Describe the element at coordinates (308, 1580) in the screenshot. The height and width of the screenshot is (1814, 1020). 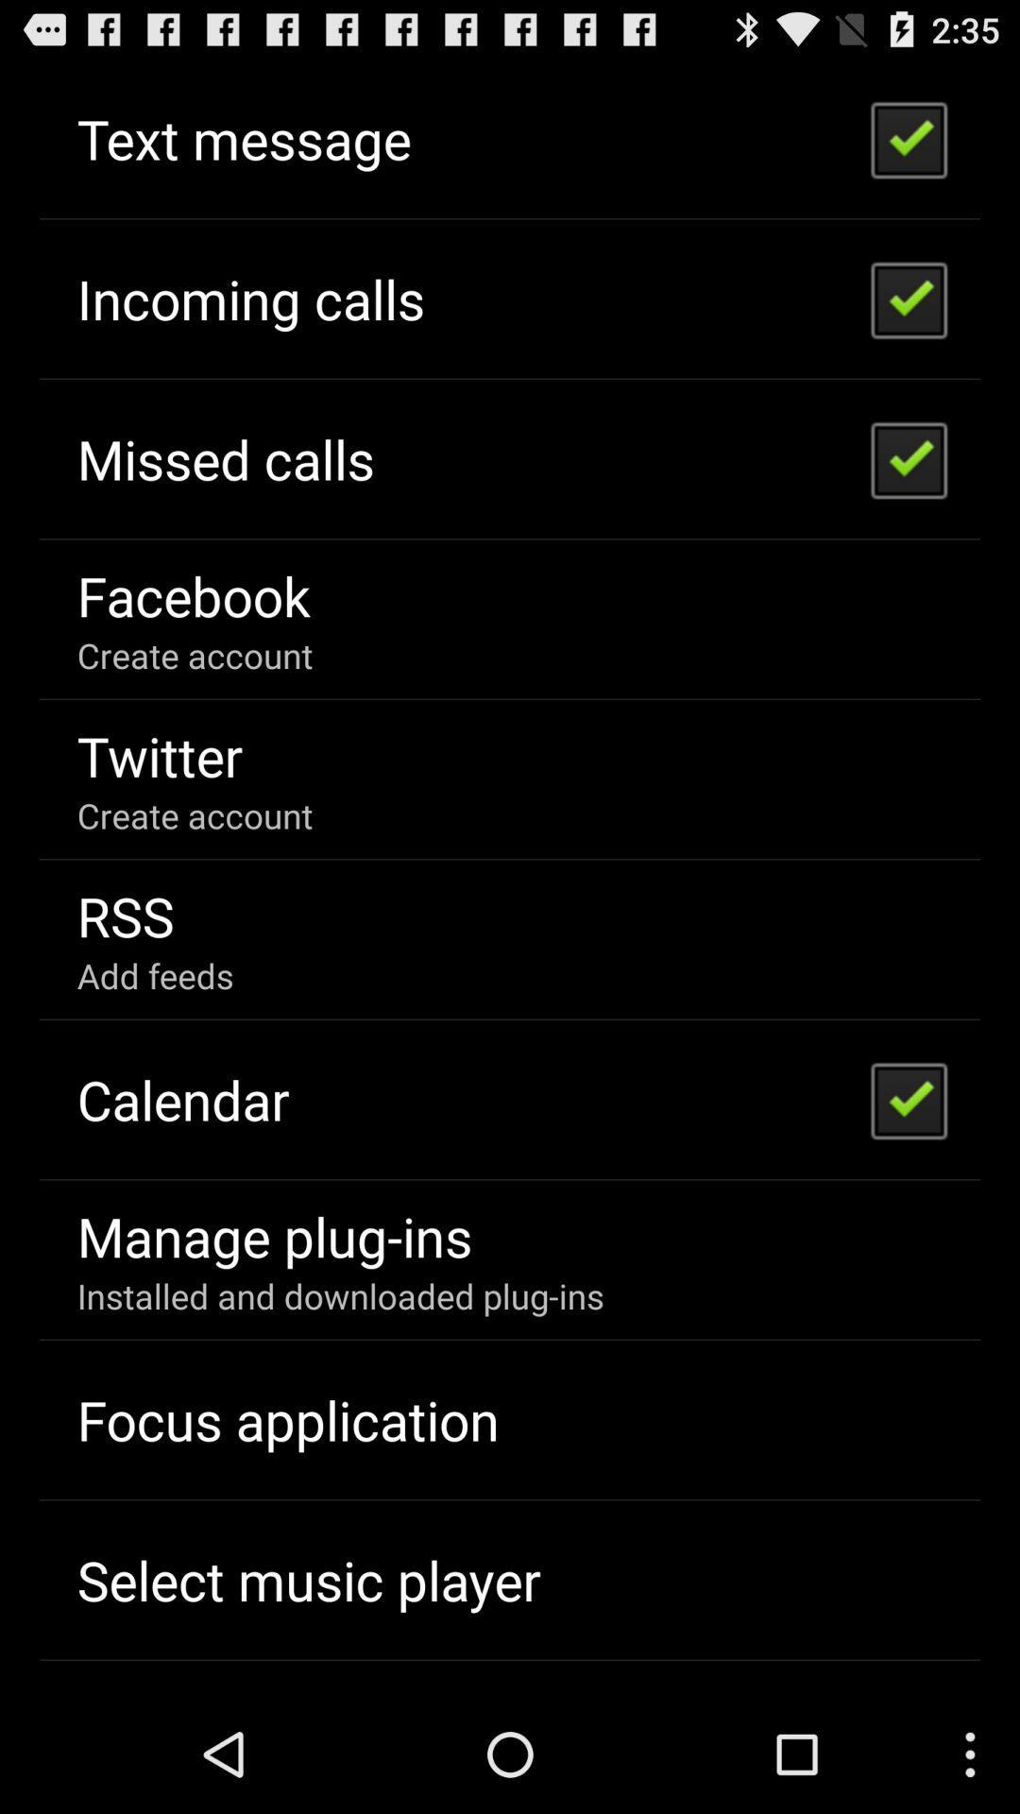
I see `the select music player item` at that location.